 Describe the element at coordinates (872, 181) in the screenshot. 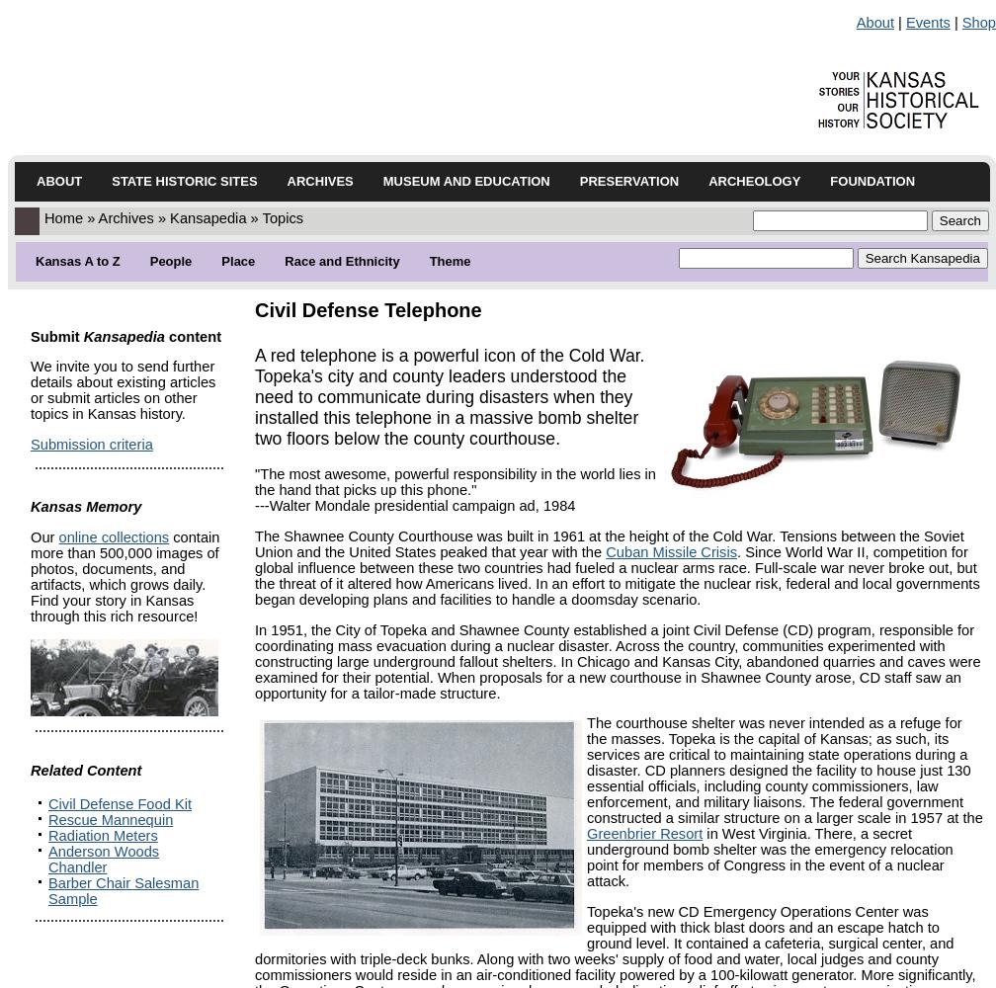

I see `'FOUNDATION'` at that location.